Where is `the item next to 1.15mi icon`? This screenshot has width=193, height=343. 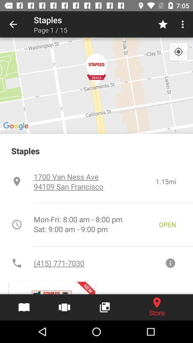 the item next to 1.15mi icon is located at coordinates (95, 181).